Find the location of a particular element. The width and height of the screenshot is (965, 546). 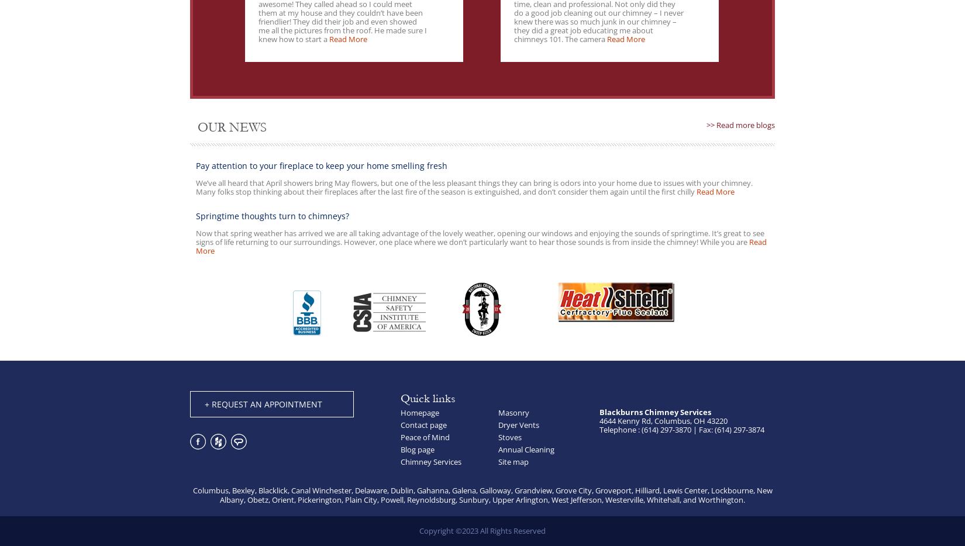

'Copyright ©2023 All Rights Reserved' is located at coordinates (482, 531).